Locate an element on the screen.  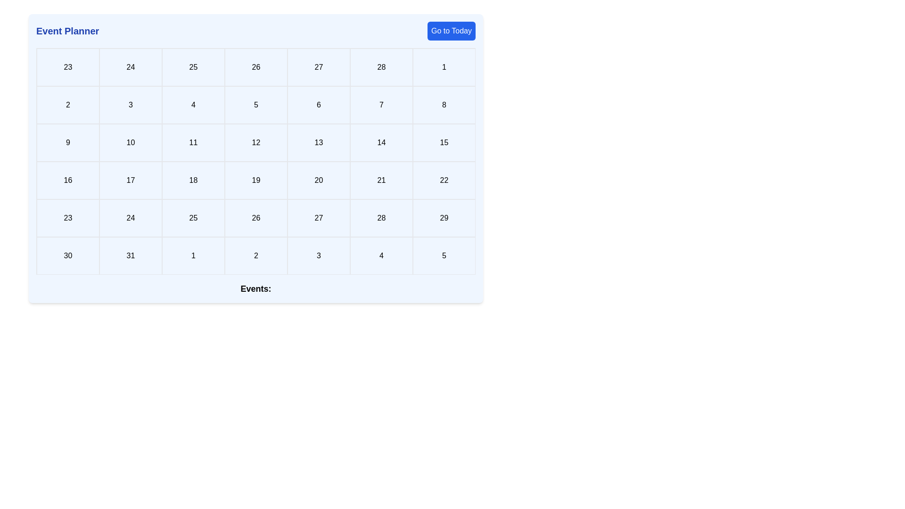
the square-shaped button labeled '8' is located at coordinates (444, 105).